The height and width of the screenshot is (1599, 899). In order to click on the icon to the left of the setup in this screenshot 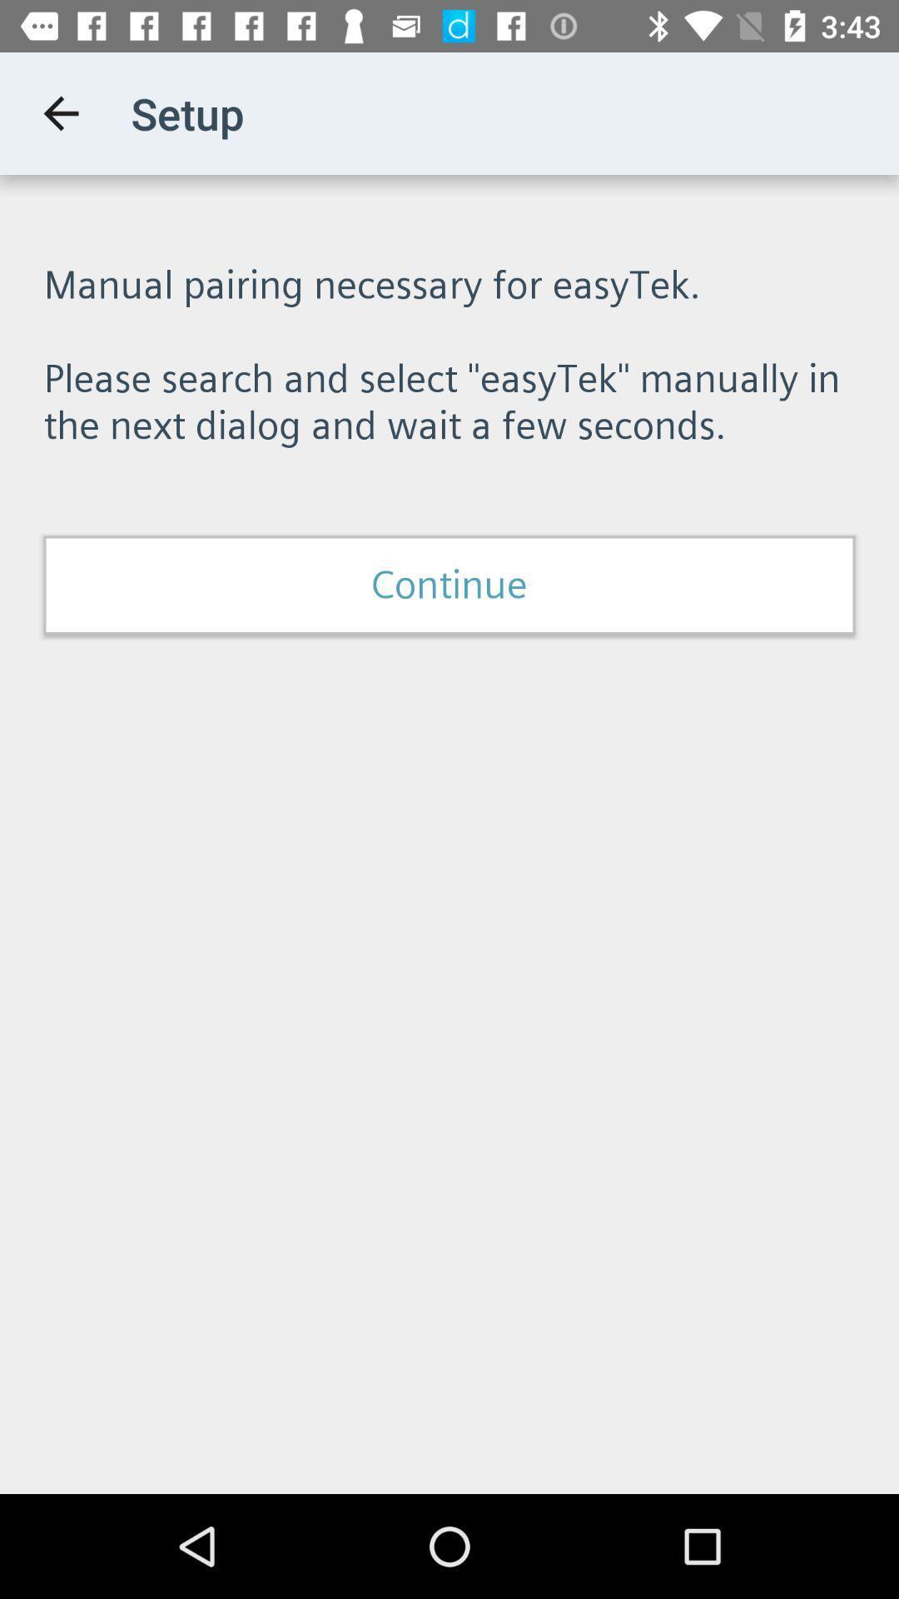, I will do `click(60, 112)`.